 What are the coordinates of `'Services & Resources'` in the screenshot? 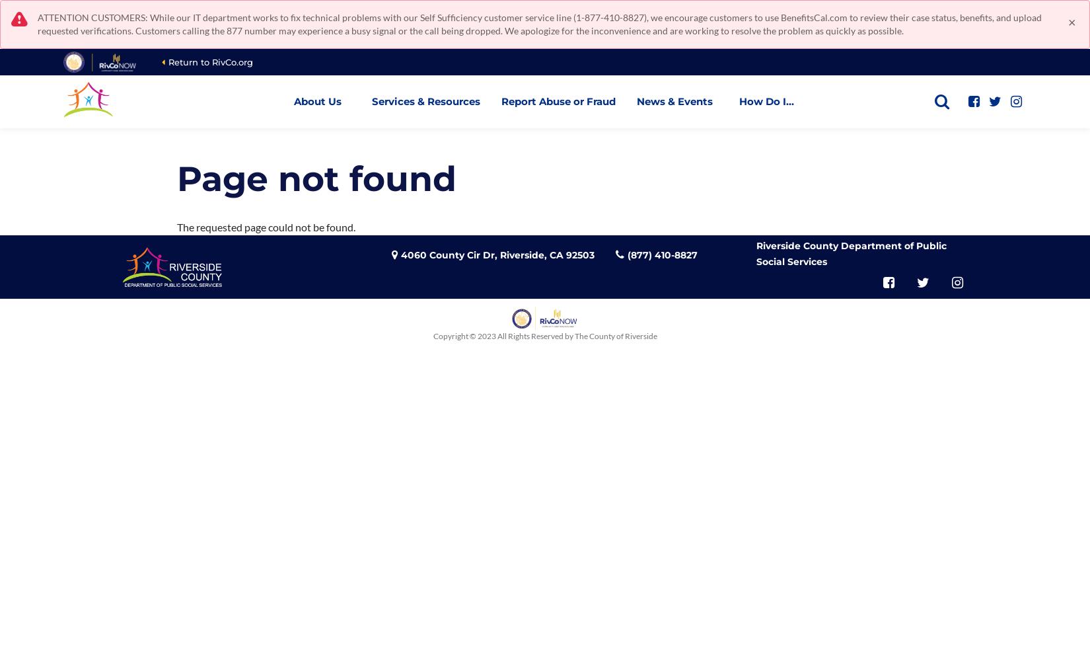 It's located at (424, 101).